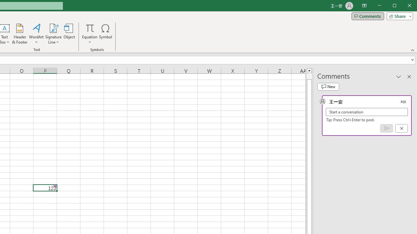 This screenshot has height=234, width=417. I want to click on 'Symbol...', so click(106, 34).